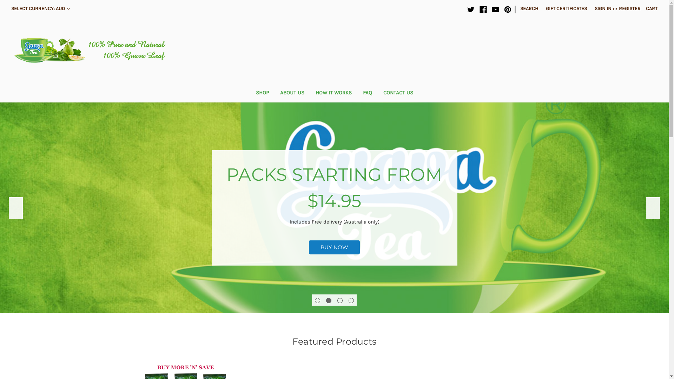 The height and width of the screenshot is (379, 674). What do you see at coordinates (328, 300) in the screenshot?
I see `'2'` at bounding box center [328, 300].